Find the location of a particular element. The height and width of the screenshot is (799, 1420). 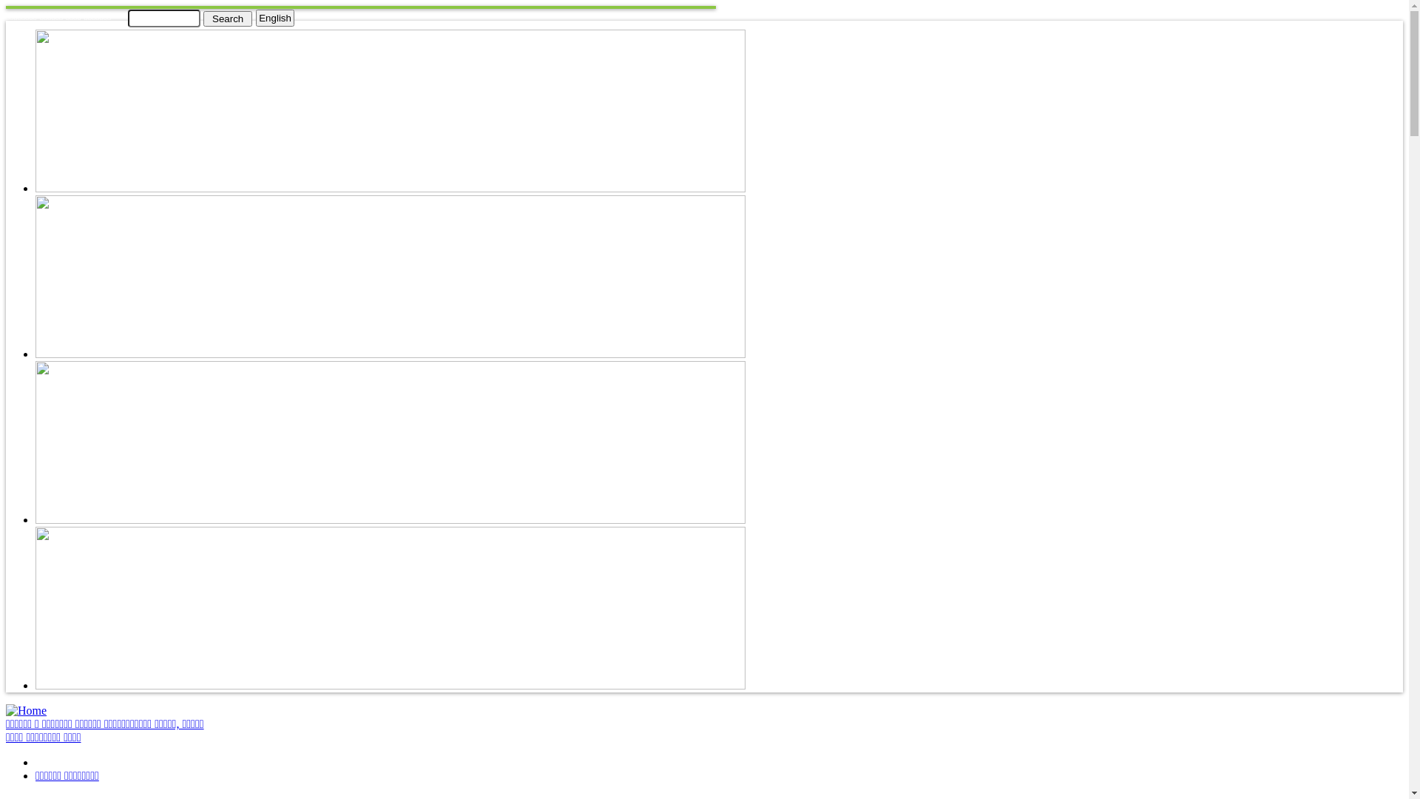

'Home' is located at coordinates (26, 709).